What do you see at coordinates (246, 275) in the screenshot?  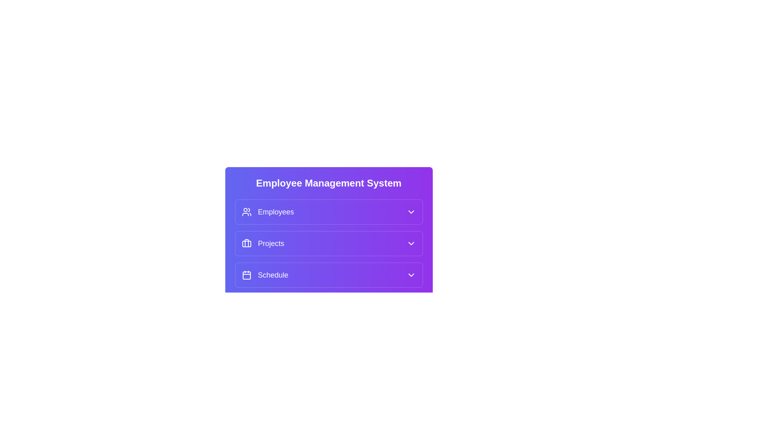 I see `the decorative SVG rectangle in the calendar icon located in the 'Schedule' row of the sidebar menu` at bounding box center [246, 275].